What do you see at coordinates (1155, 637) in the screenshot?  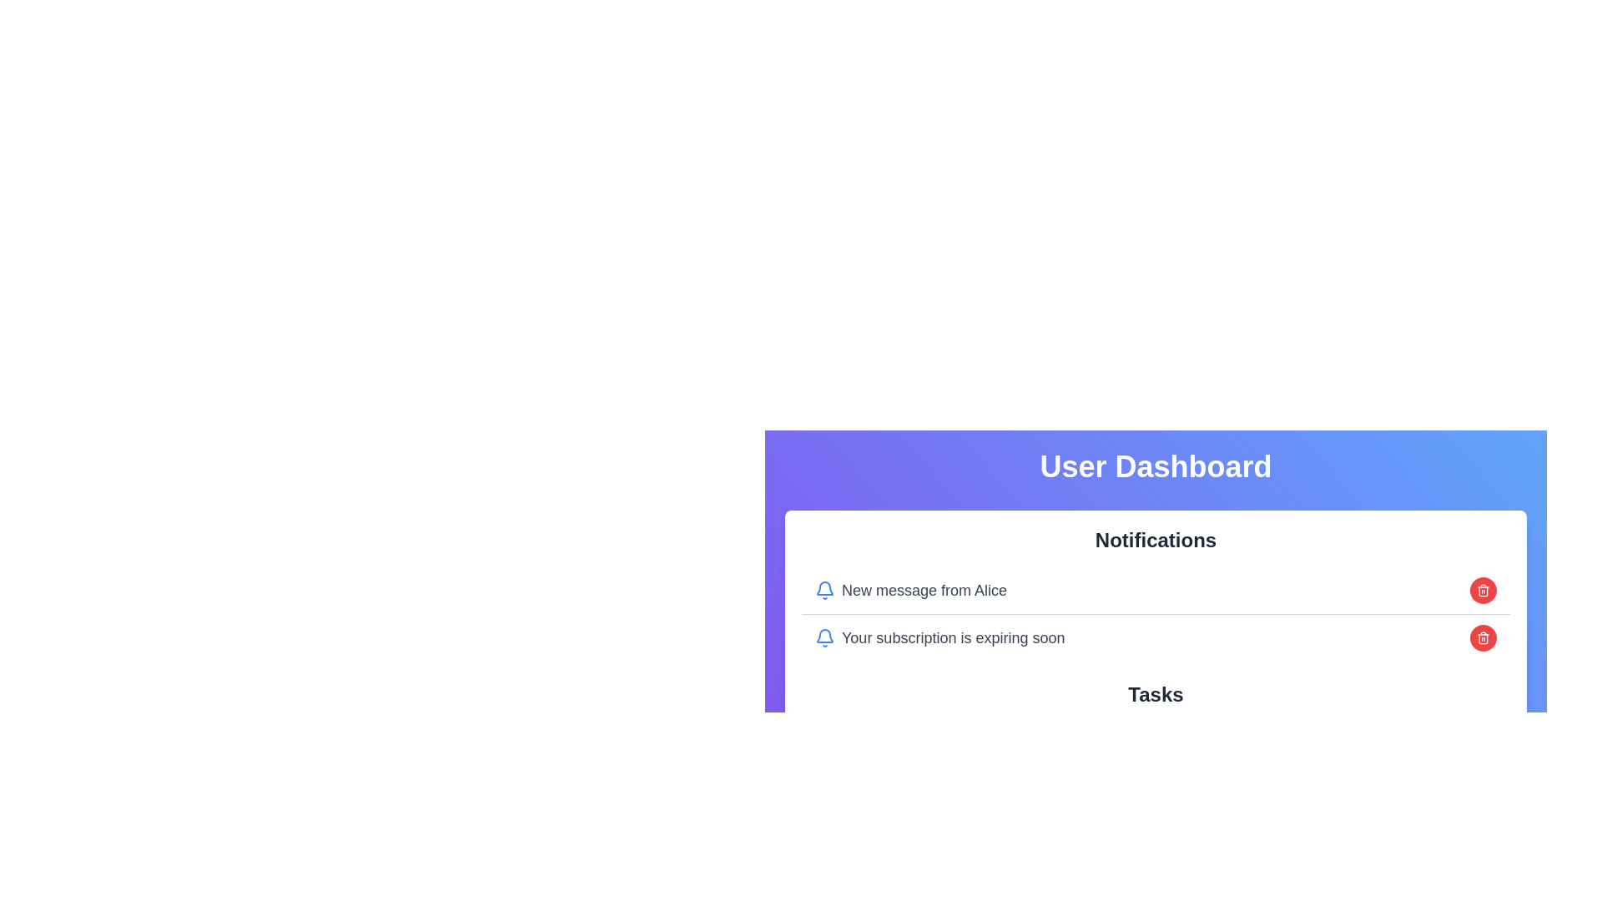 I see `notification in the second notification bar, which contains the message 'Your subscription is expiring soon' and is located below the 'New message from Alice' notification` at bounding box center [1155, 637].